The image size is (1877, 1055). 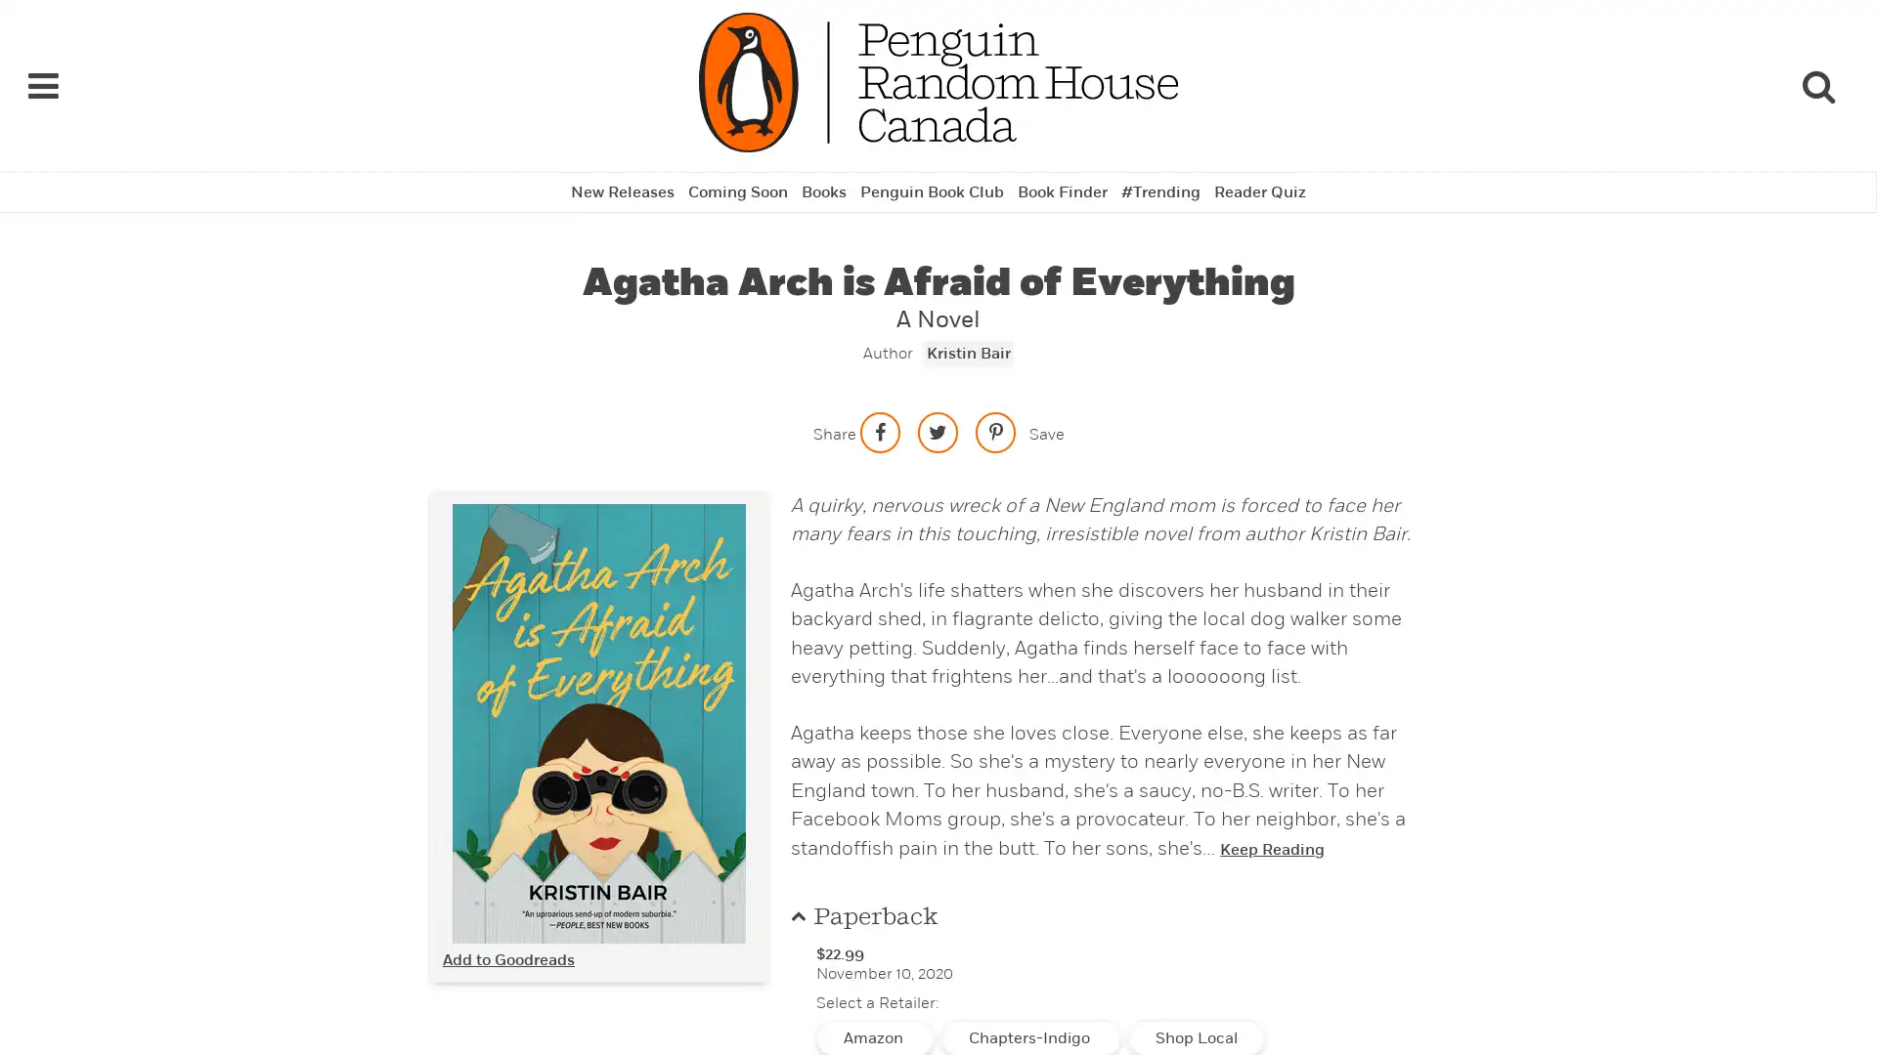 I want to click on Search, so click(x=1817, y=52).